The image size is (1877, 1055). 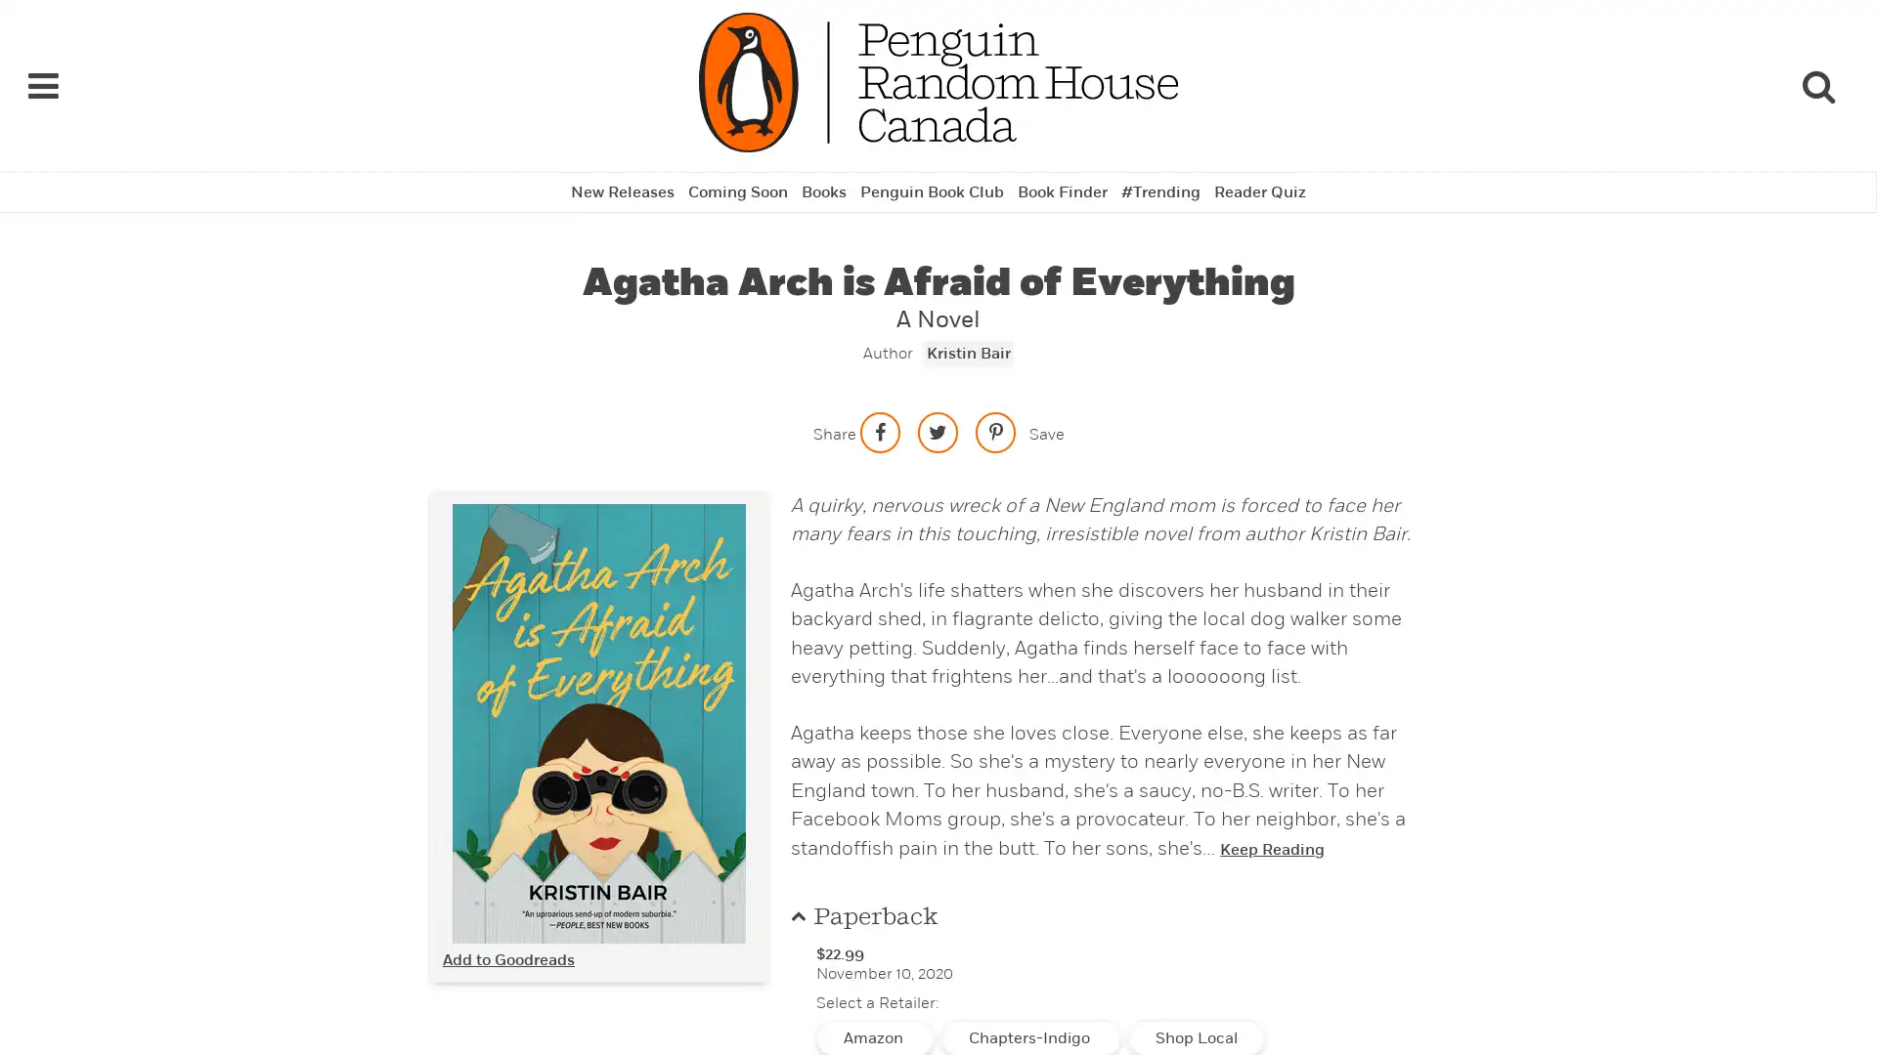 I want to click on Search, so click(x=1817, y=52).